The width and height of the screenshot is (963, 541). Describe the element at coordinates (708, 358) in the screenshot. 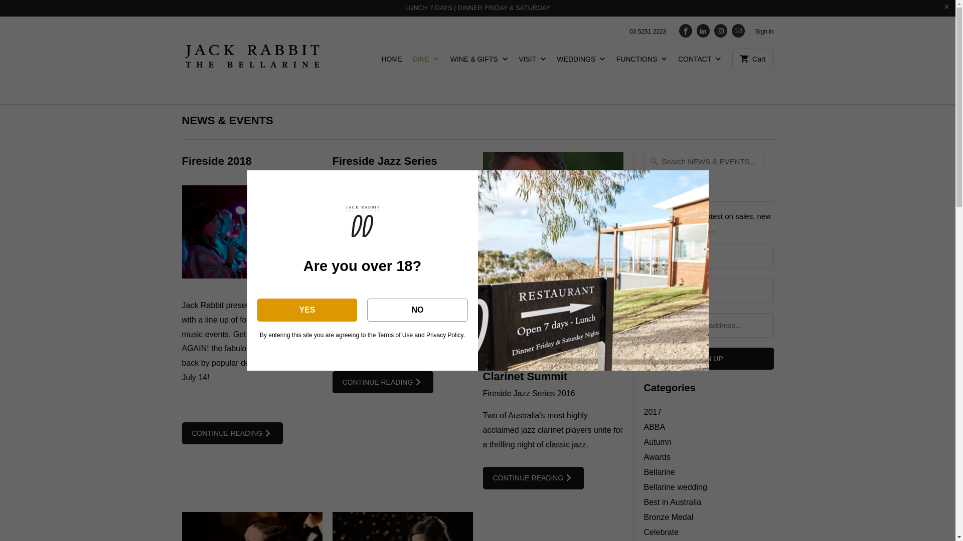

I see `'Sign Up'` at that location.